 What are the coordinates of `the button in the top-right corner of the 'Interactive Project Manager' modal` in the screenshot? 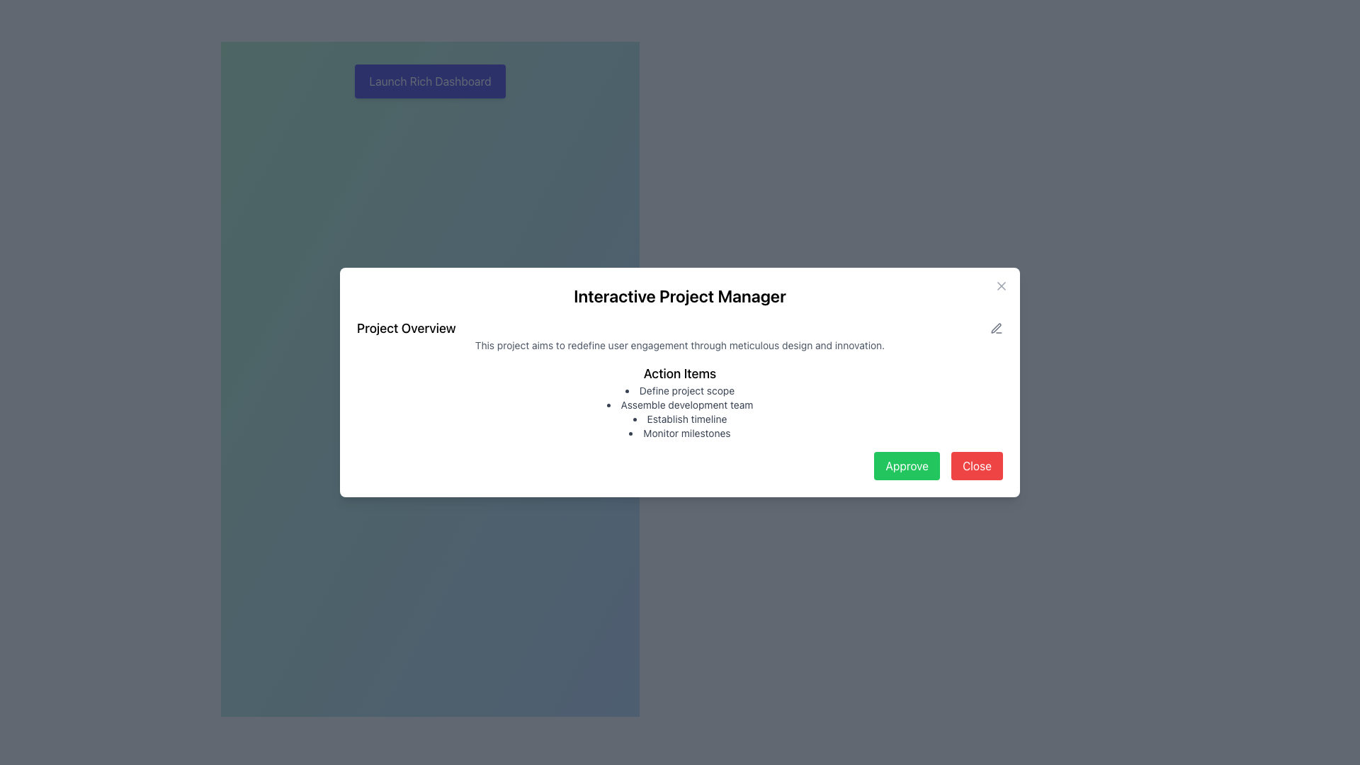 It's located at (1001, 286).